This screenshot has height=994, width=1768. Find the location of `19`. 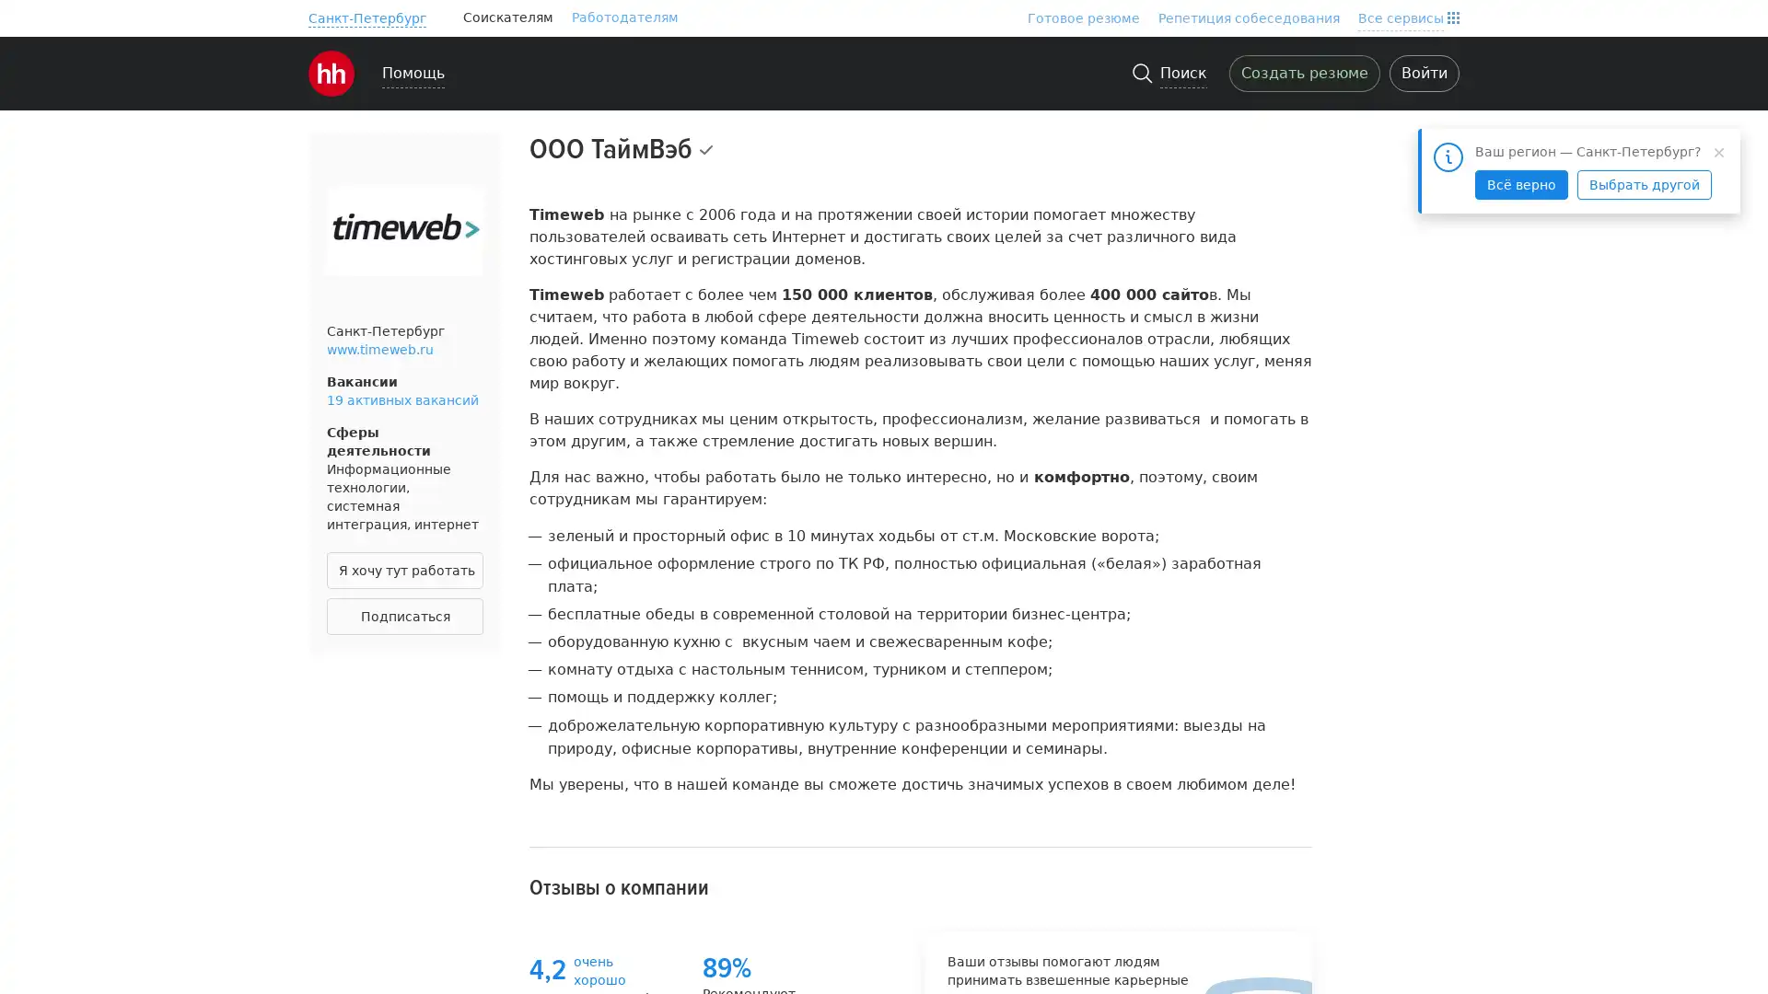

19 is located at coordinates (724, 192).